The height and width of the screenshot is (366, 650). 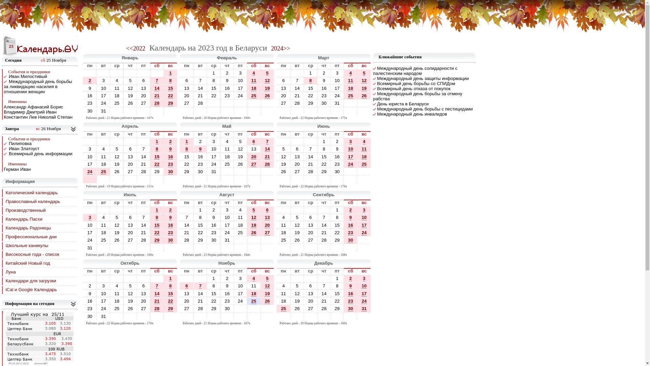 What do you see at coordinates (170, 96) in the screenshot?
I see `'22'` at bounding box center [170, 96].